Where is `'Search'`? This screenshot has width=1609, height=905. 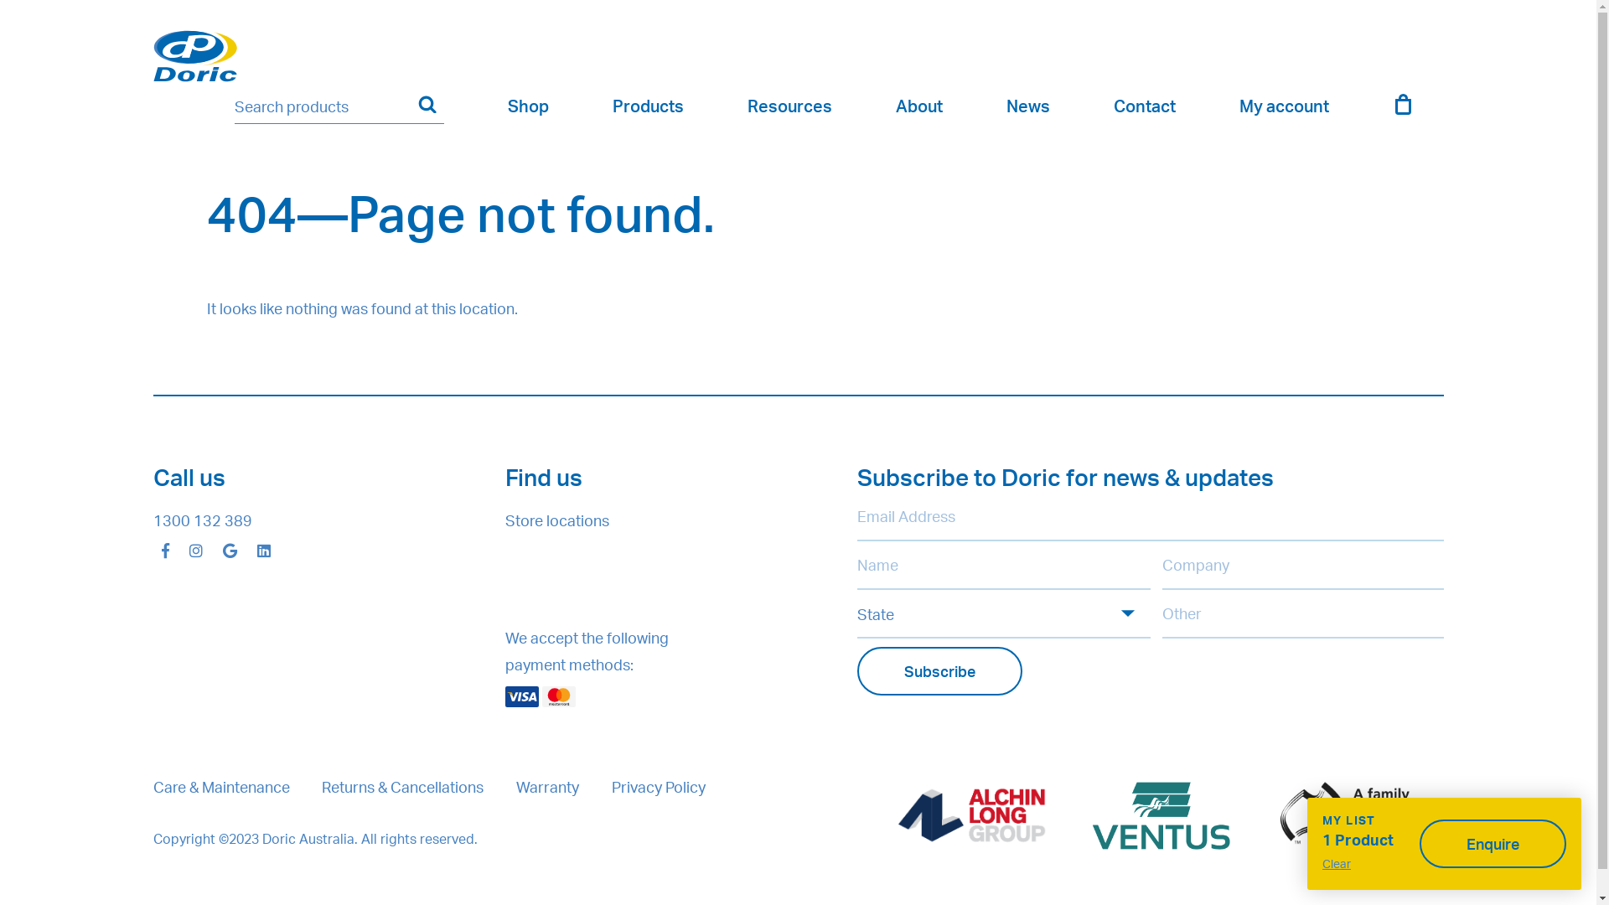
'Search' is located at coordinates (429, 104).